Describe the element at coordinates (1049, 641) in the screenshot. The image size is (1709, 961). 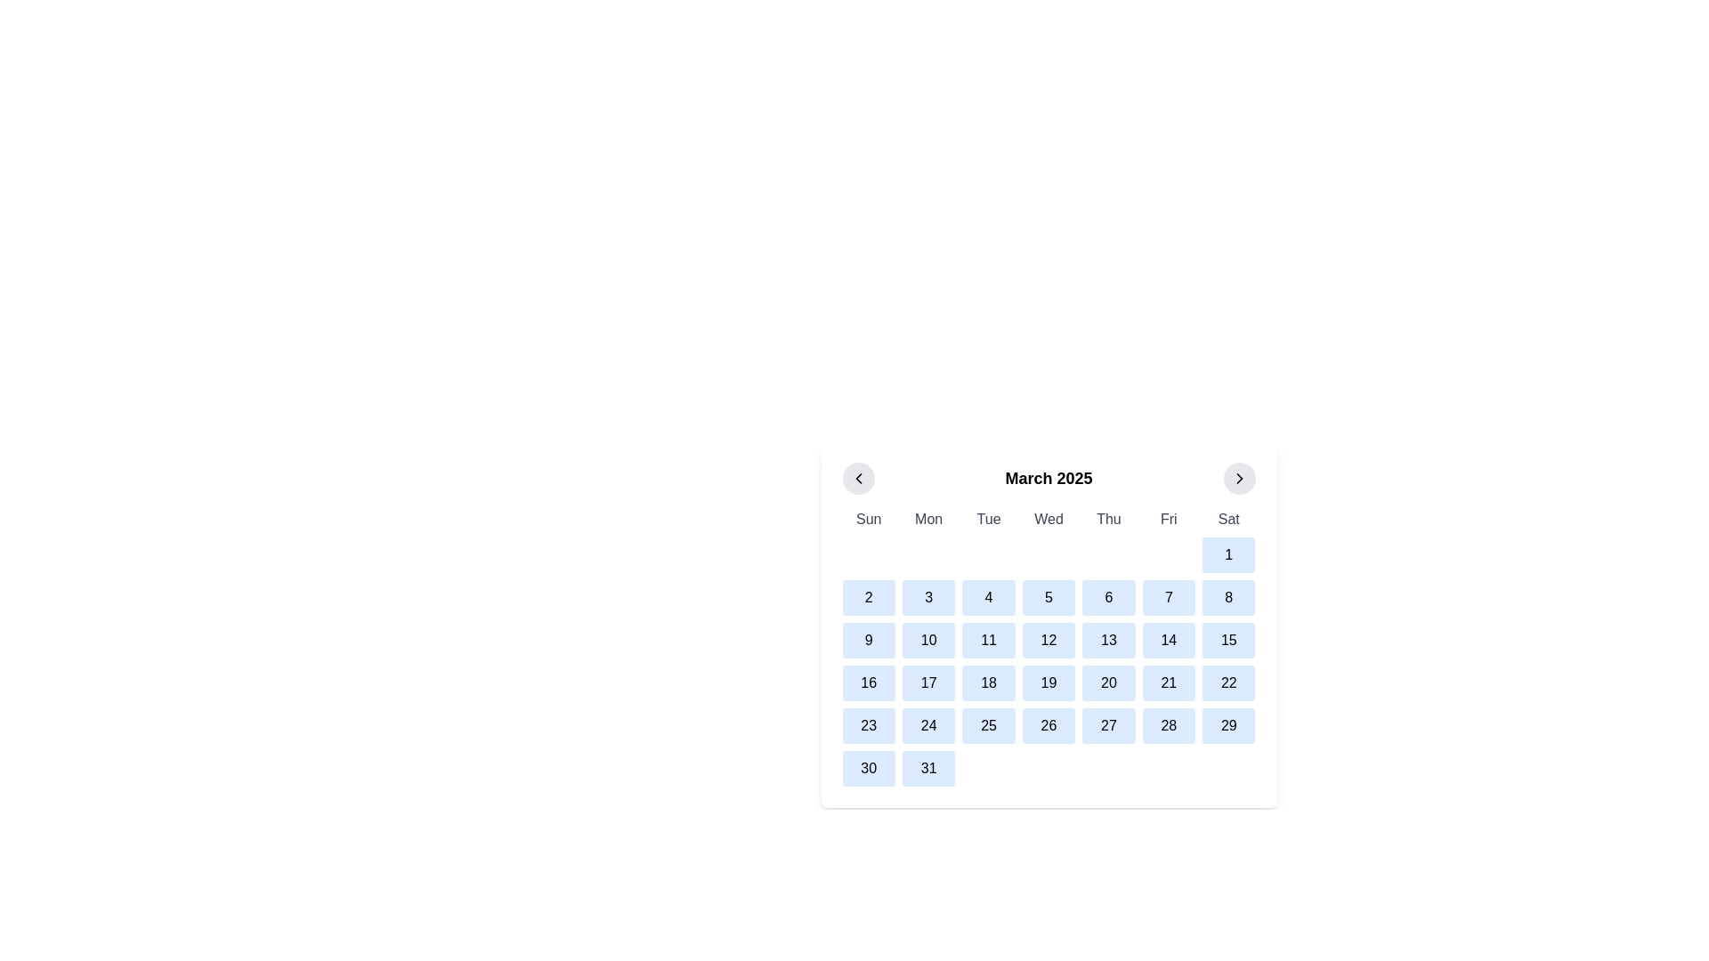
I see `the square button with a light blue background and the number '12' in black, located in the third row and fourth column of the calendar grid to invoke hover effects` at that location.